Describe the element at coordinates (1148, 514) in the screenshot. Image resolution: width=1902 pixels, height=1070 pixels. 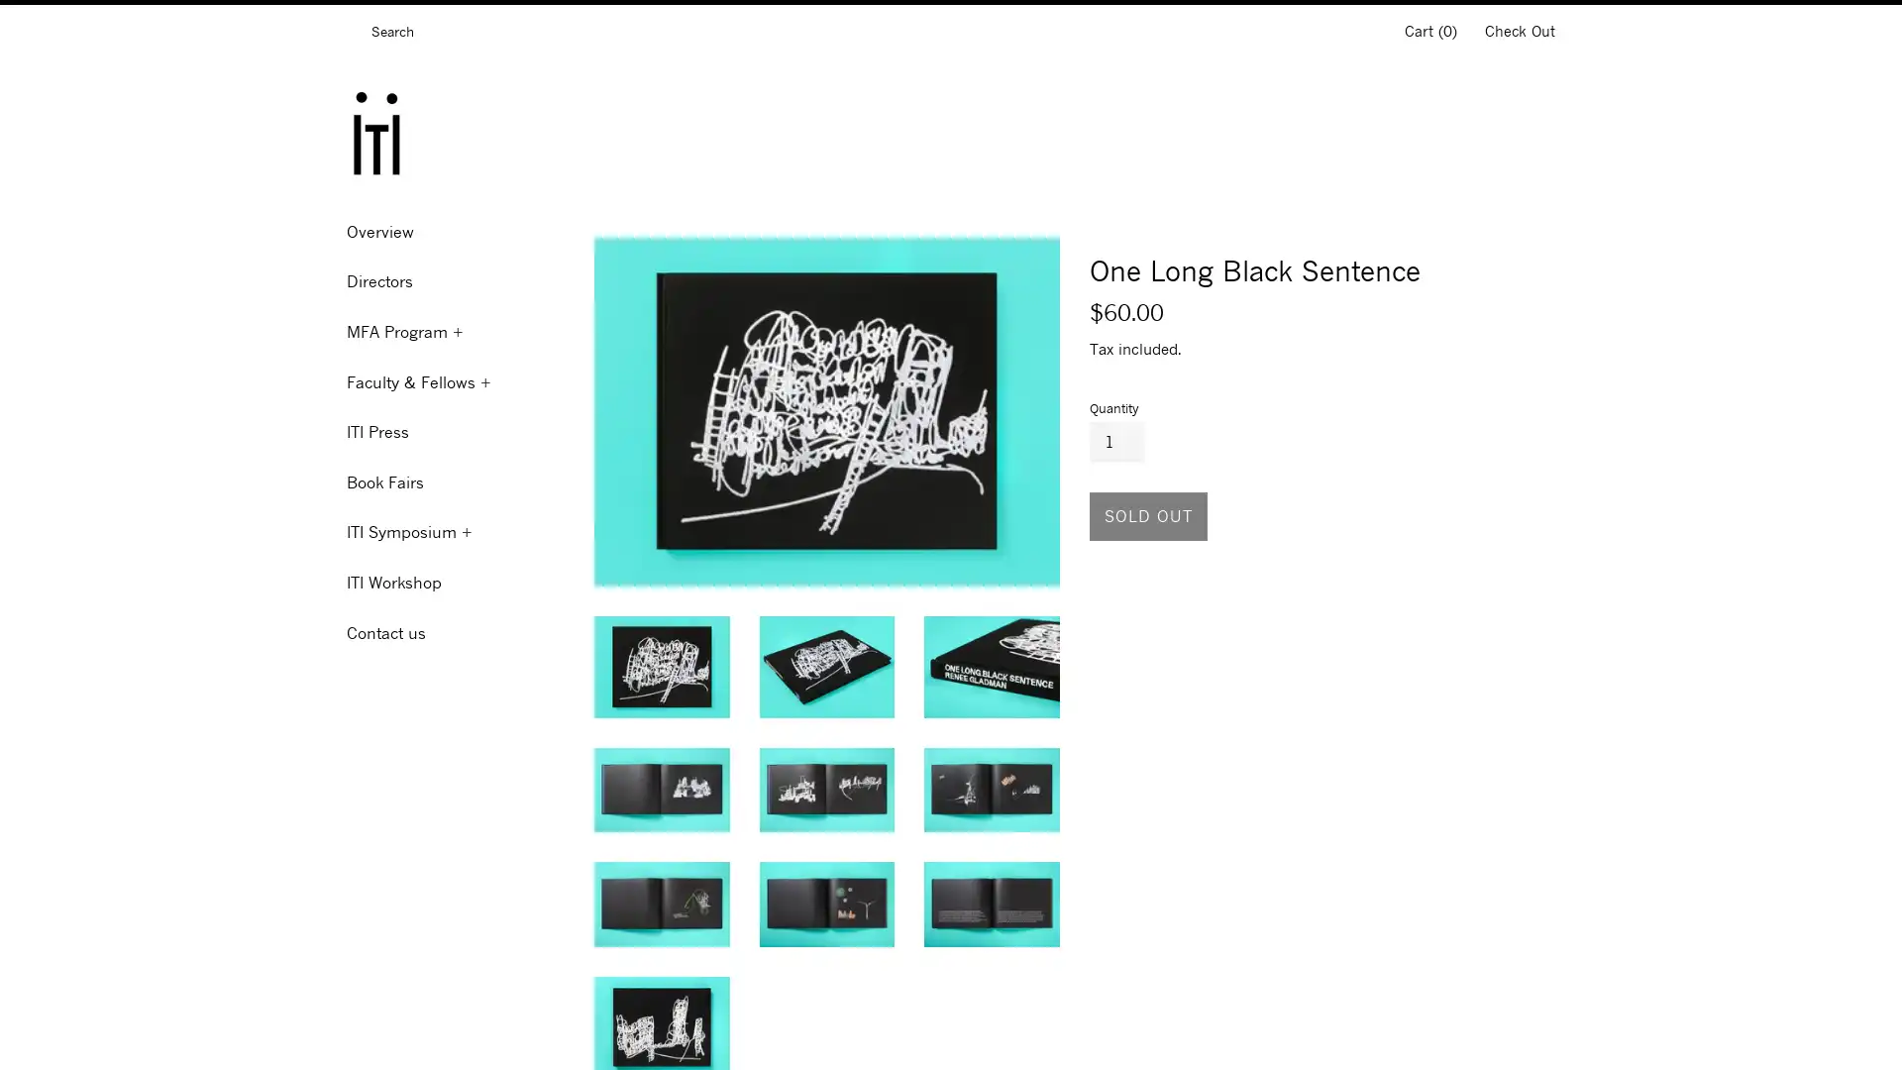
I see `SOLD OUT` at that location.